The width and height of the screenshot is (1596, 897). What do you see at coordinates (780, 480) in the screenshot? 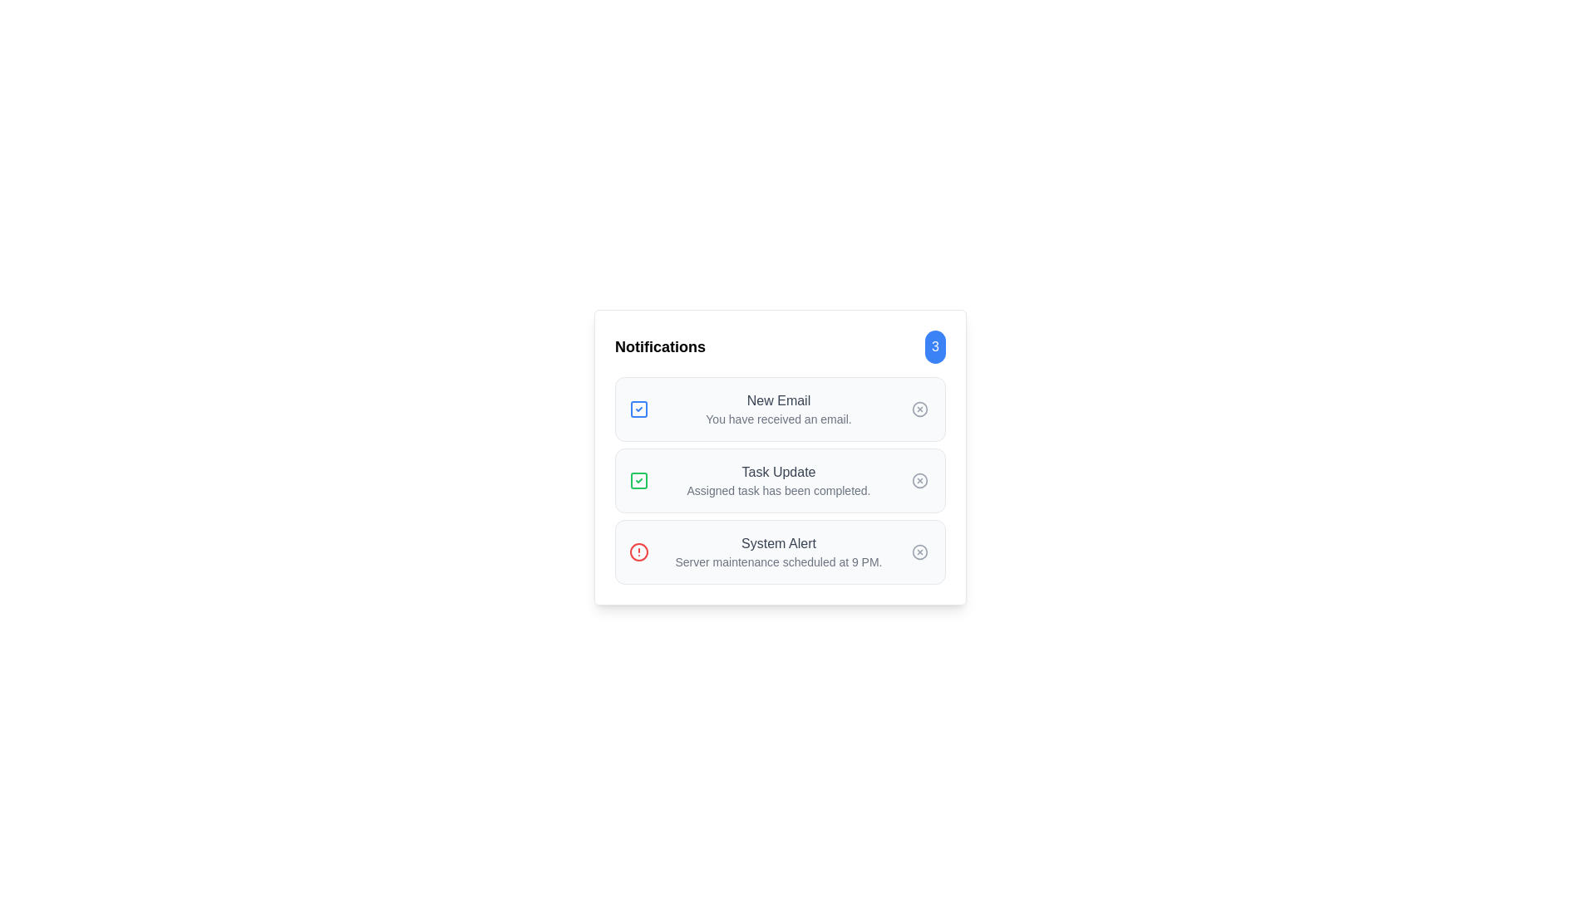
I see `title 'Task Update' and the description 'Assigned task has been completed' from the notification entry that is the second in the list, featuring a green checkmark icon and a light gray background` at bounding box center [780, 480].